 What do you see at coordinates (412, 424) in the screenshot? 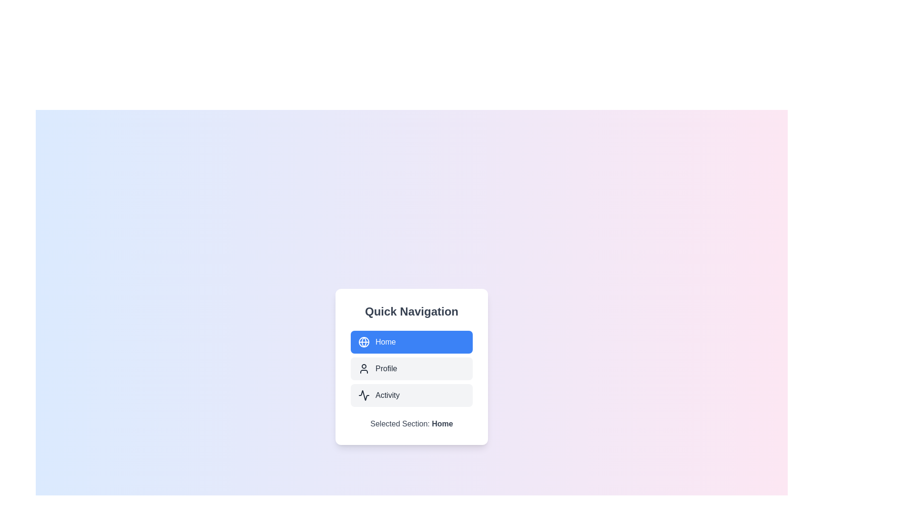
I see `the text label that reads 'Selected Section: Home', which is centrally aligned within the 'Quick Navigation' panel and located beneath the buttons labeled 'Home', 'Profile', and 'Activity'` at bounding box center [412, 424].